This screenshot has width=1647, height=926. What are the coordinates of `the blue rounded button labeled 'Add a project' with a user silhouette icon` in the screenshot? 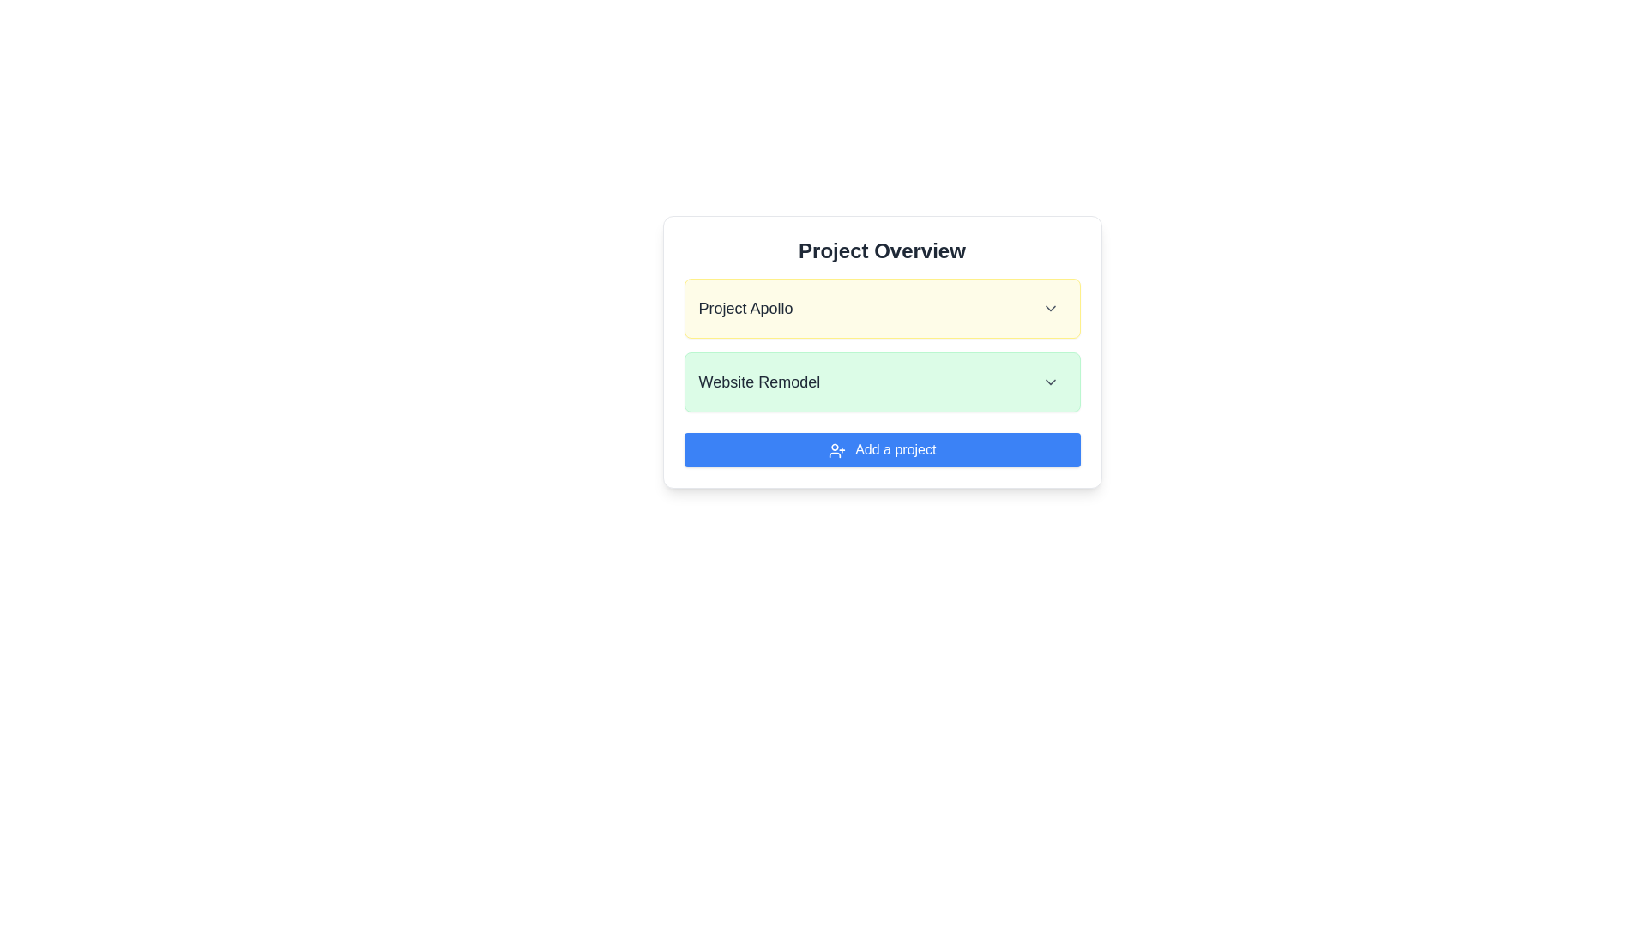 It's located at (882, 448).